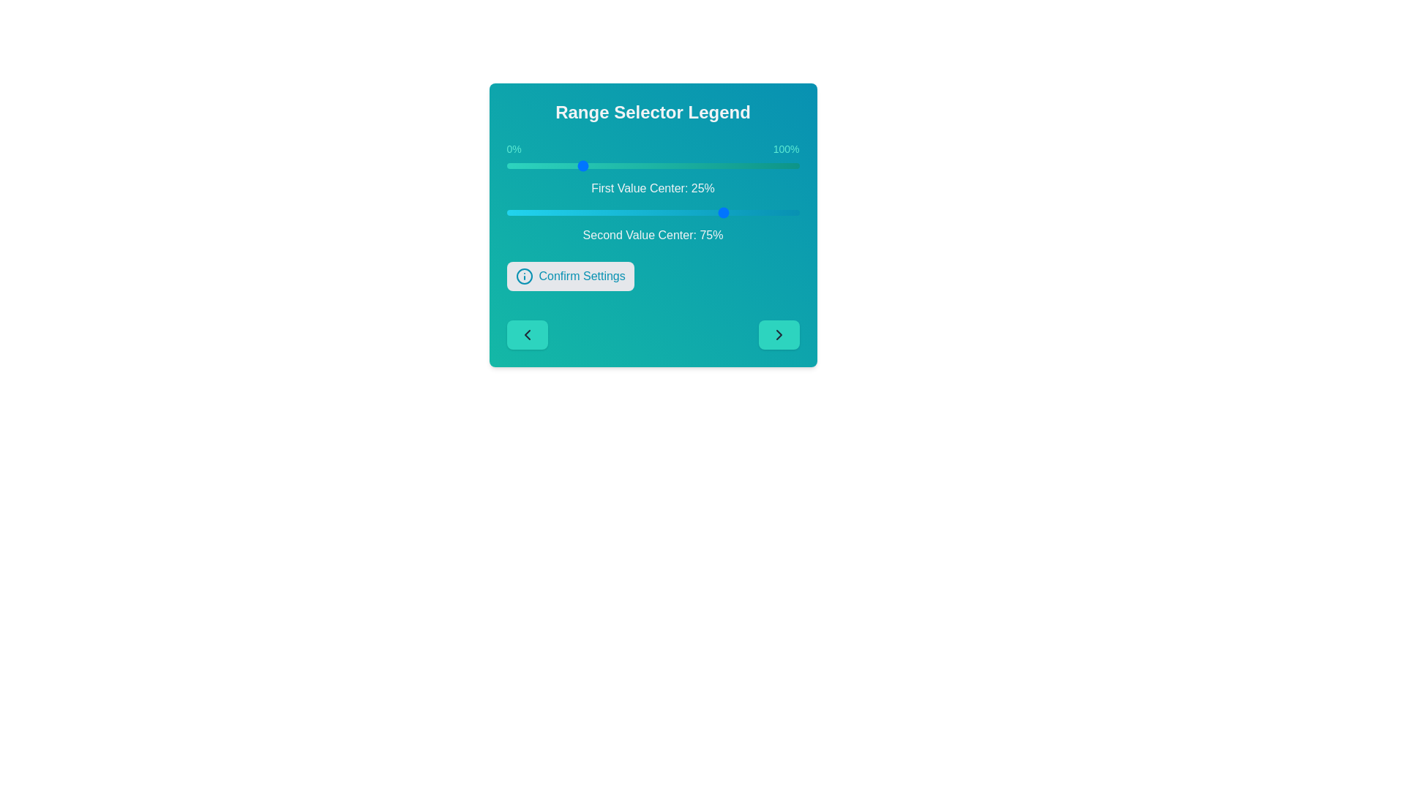 This screenshot has height=790, width=1405. I want to click on the static text element displaying '100%' with a teal color, located at the top-right corner of the panel, so click(785, 149).